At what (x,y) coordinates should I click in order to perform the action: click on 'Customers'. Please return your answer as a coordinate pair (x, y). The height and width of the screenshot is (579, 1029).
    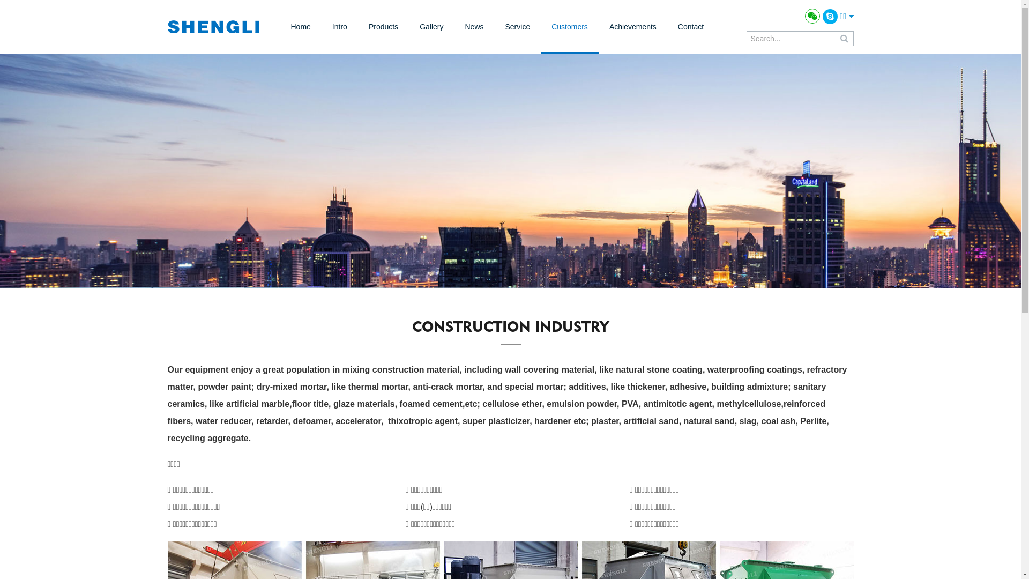
    Looking at the image, I should click on (569, 26).